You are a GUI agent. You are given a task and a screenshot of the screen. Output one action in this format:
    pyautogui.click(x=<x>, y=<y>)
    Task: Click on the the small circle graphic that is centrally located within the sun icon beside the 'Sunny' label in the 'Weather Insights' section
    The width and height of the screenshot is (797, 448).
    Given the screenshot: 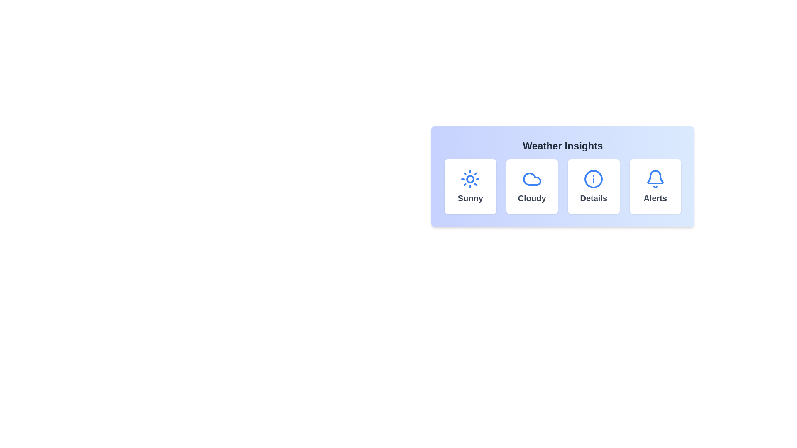 What is the action you would take?
    pyautogui.click(x=470, y=179)
    